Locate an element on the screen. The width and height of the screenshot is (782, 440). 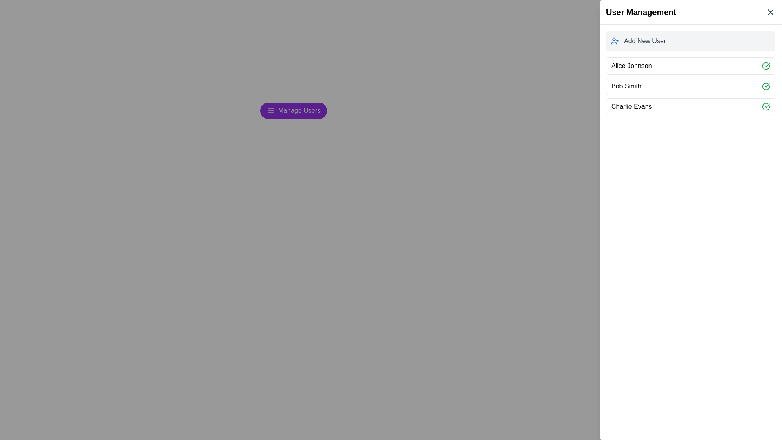
the text label displaying 'Add New User' in medium gray font located in the user management section is located at coordinates (644, 41).